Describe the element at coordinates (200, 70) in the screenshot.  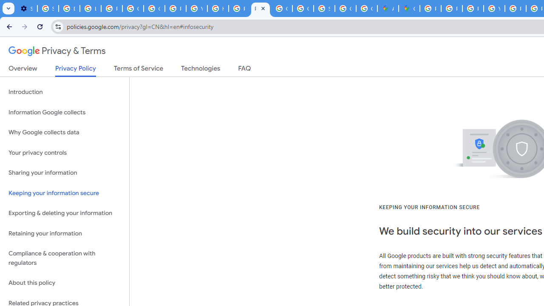
I see `'Technologies'` at that location.